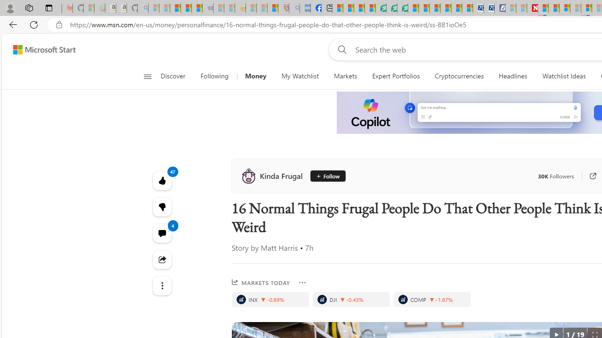 The height and width of the screenshot is (338, 602). I want to click on 'World - MSN', so click(358, 8).